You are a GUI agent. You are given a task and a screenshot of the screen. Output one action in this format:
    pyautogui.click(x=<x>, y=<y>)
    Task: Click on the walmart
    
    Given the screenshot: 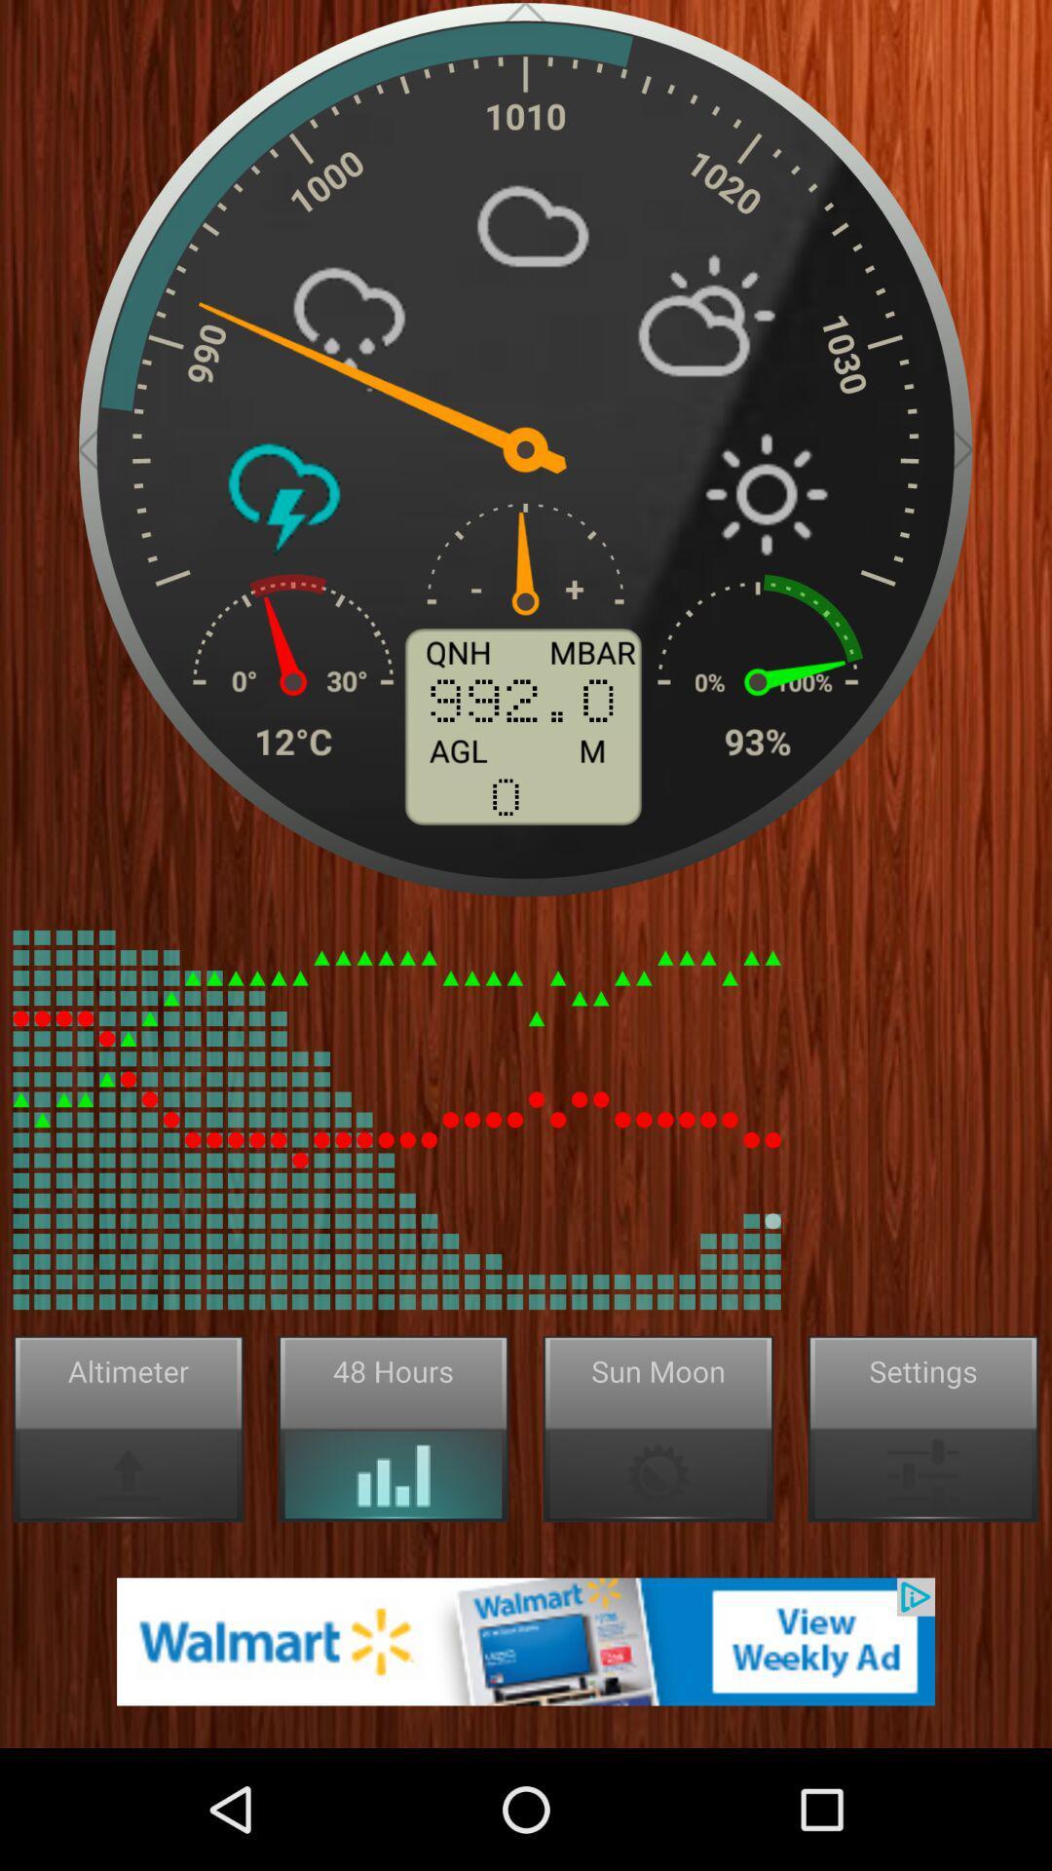 What is the action you would take?
    pyautogui.click(x=526, y=1640)
    